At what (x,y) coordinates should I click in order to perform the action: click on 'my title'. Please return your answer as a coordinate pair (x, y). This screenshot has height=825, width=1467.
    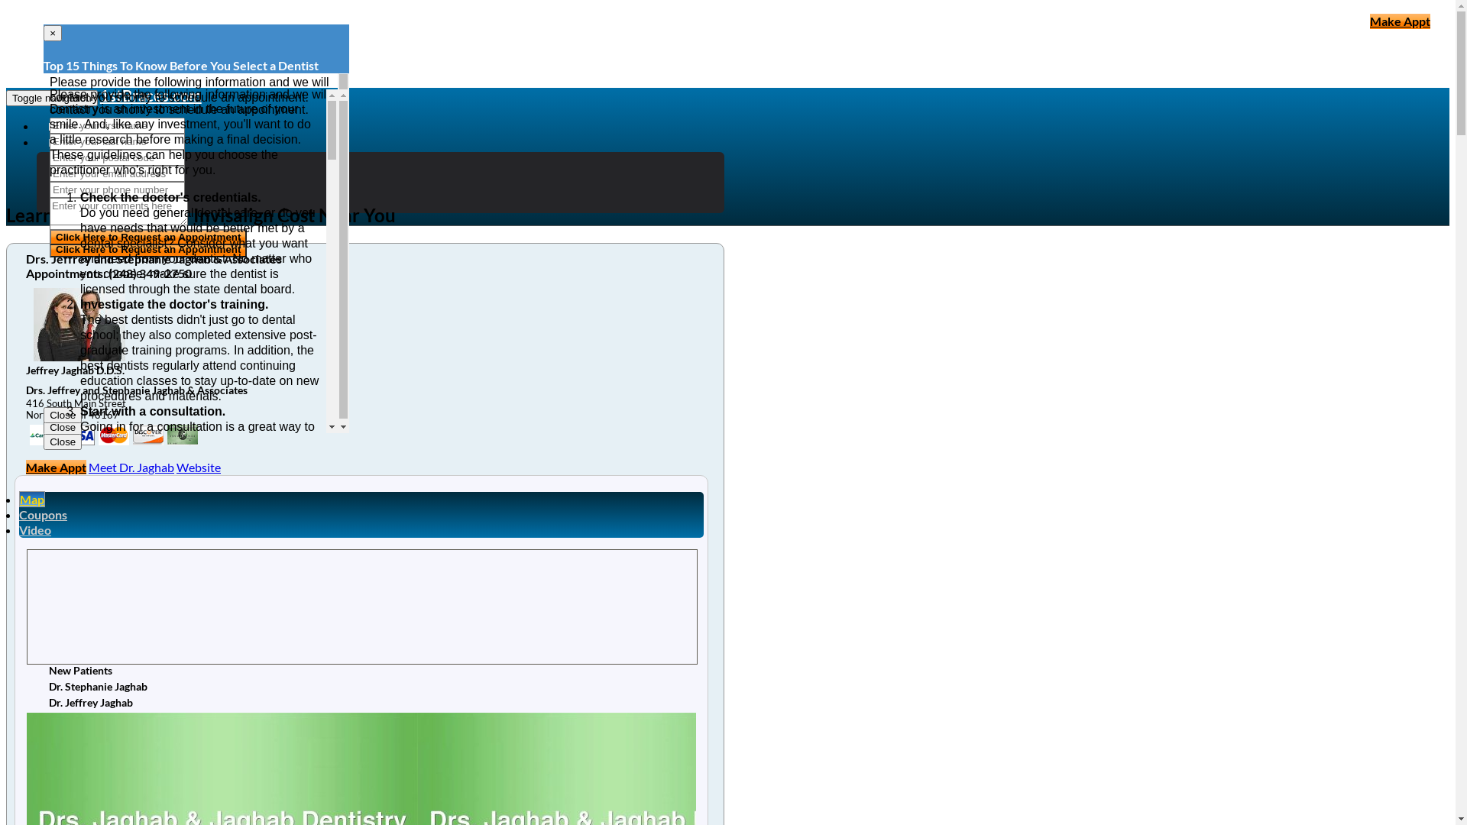
    Looking at the image, I should click on (79, 435).